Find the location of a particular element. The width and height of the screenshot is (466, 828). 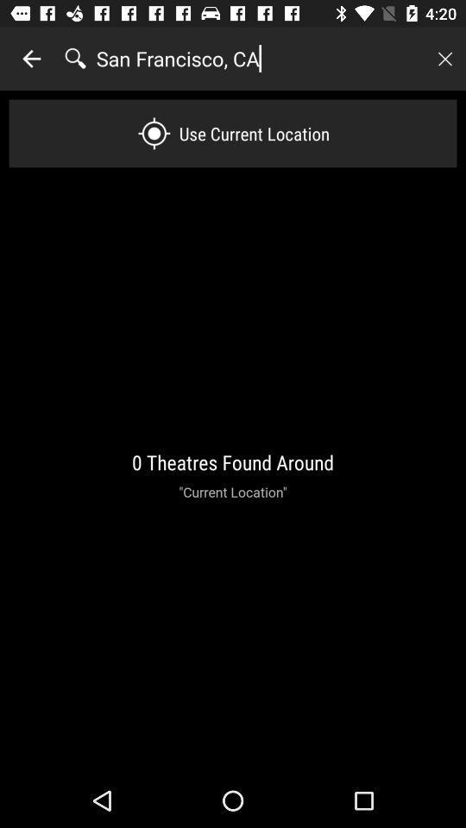

the icon above use current location is located at coordinates (259, 59).